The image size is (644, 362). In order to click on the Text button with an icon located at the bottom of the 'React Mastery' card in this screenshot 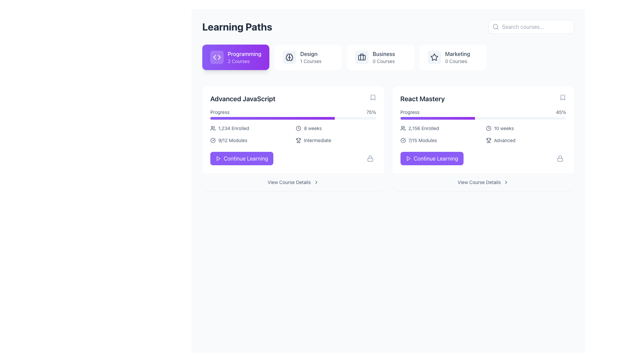, I will do `click(483, 182)`.